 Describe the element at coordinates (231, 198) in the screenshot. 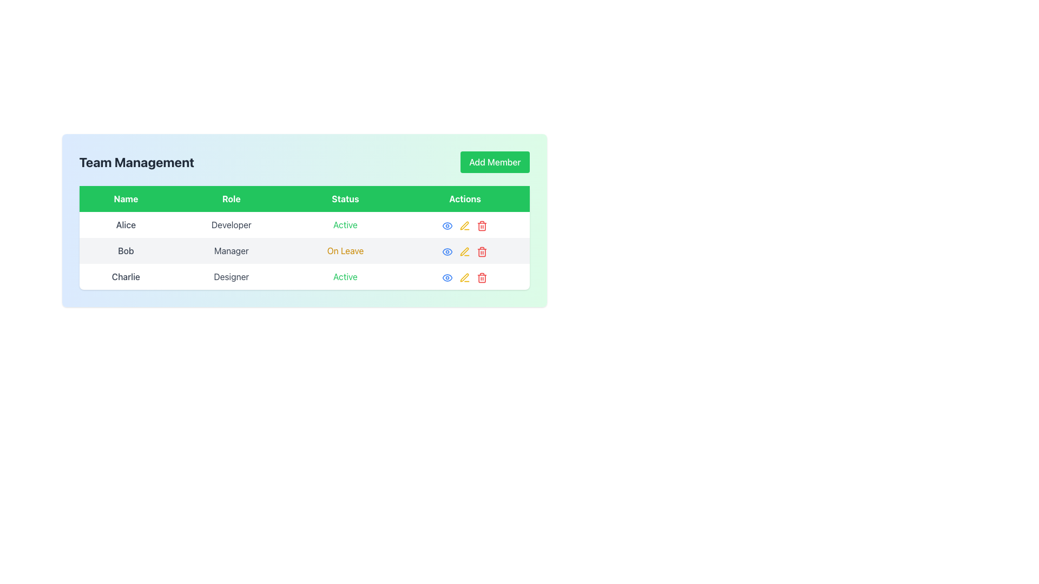

I see `the 'Role' column header label in the table, which is the second column header among 'Name', 'Role', 'Status', and 'Actions'` at that location.